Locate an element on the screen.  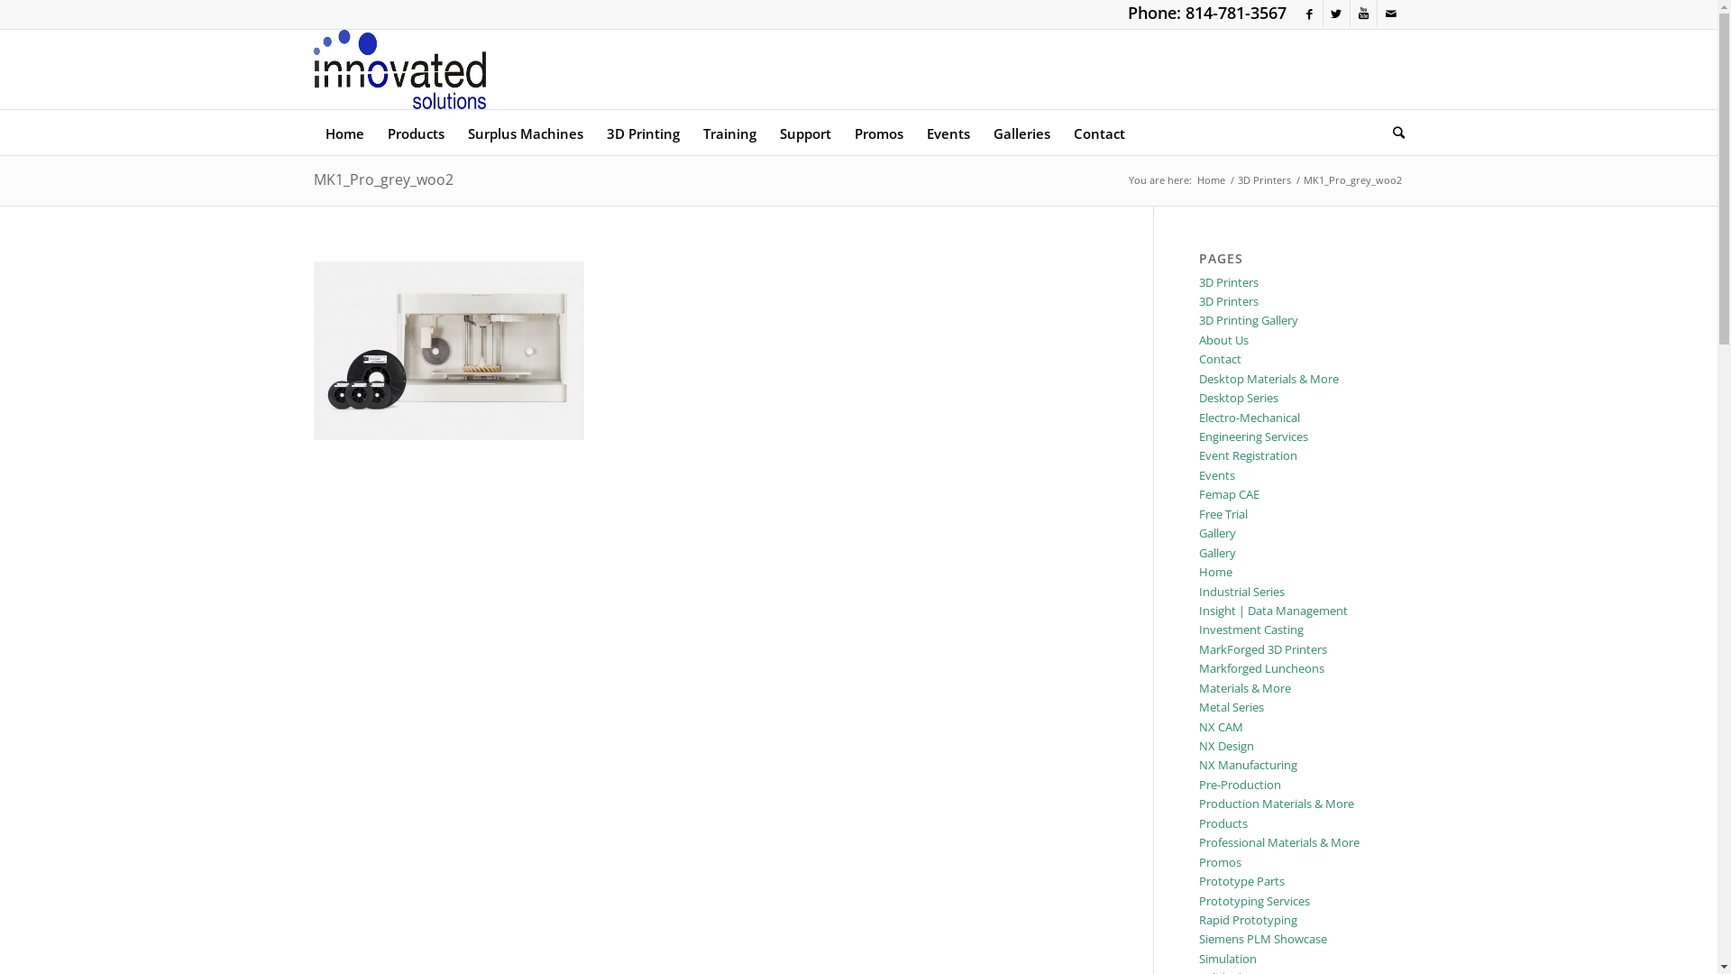
'NX Manufacturing' is located at coordinates (1247, 765).